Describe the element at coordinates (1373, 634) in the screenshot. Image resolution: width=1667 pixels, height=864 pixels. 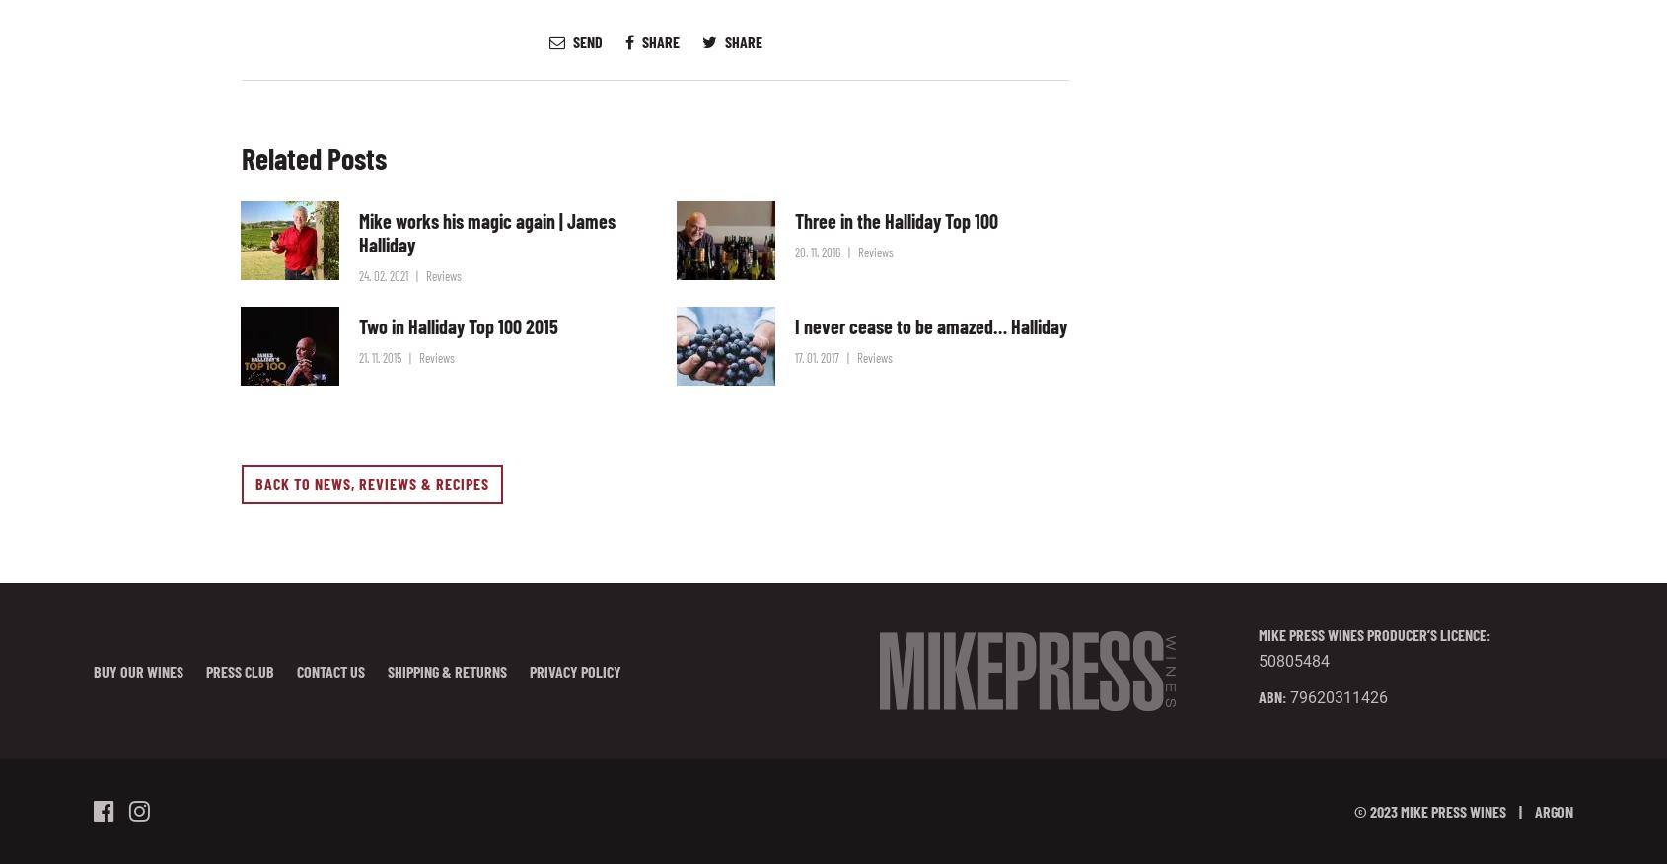
I see `'Mike Press Wines Producer’s Licence:'` at that location.